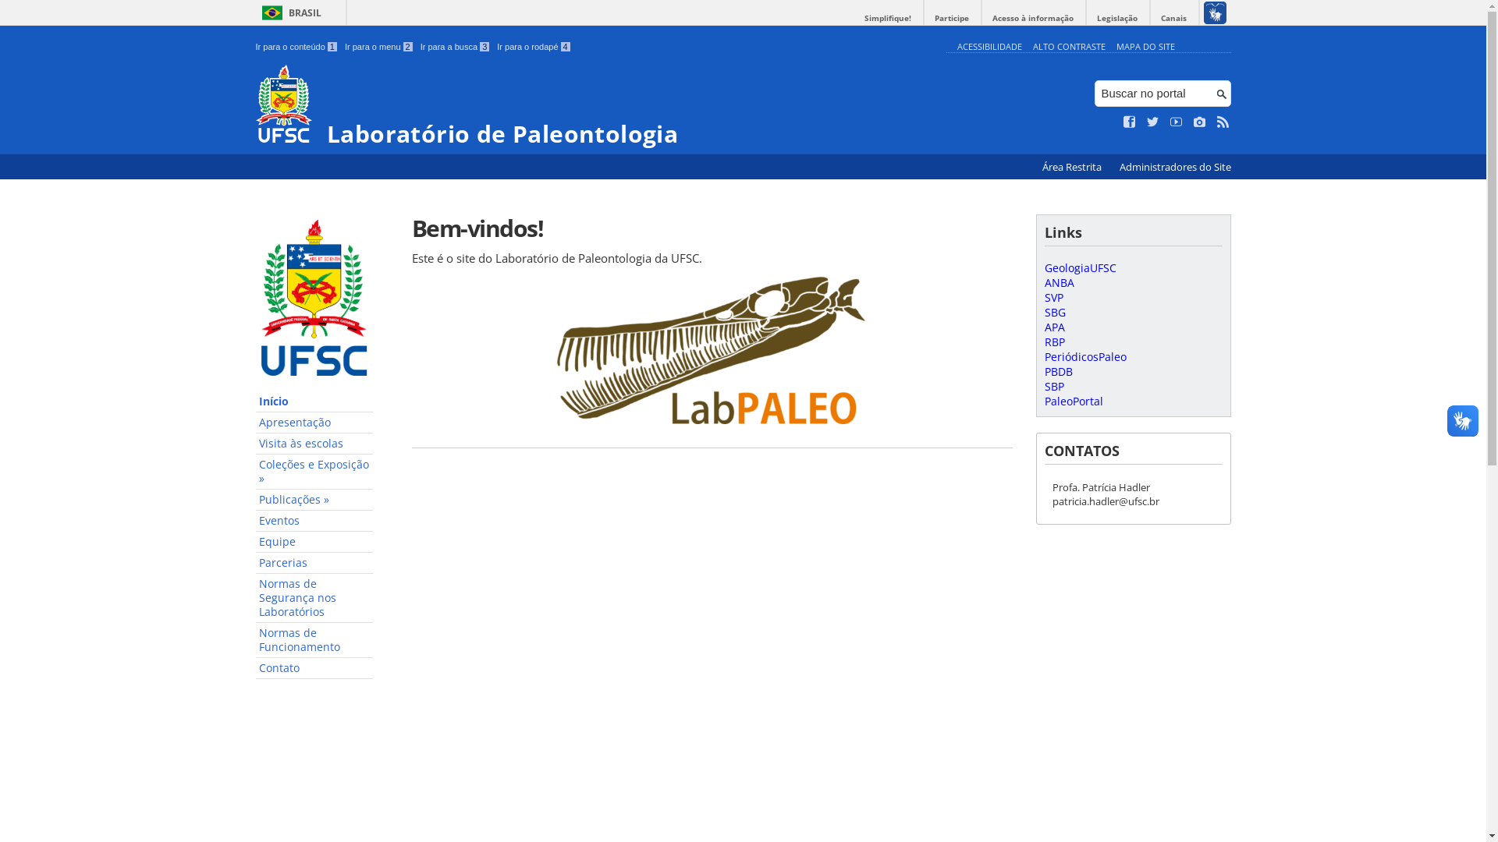 The width and height of the screenshot is (1498, 842). What do you see at coordinates (314, 541) in the screenshot?
I see `'Equipe'` at bounding box center [314, 541].